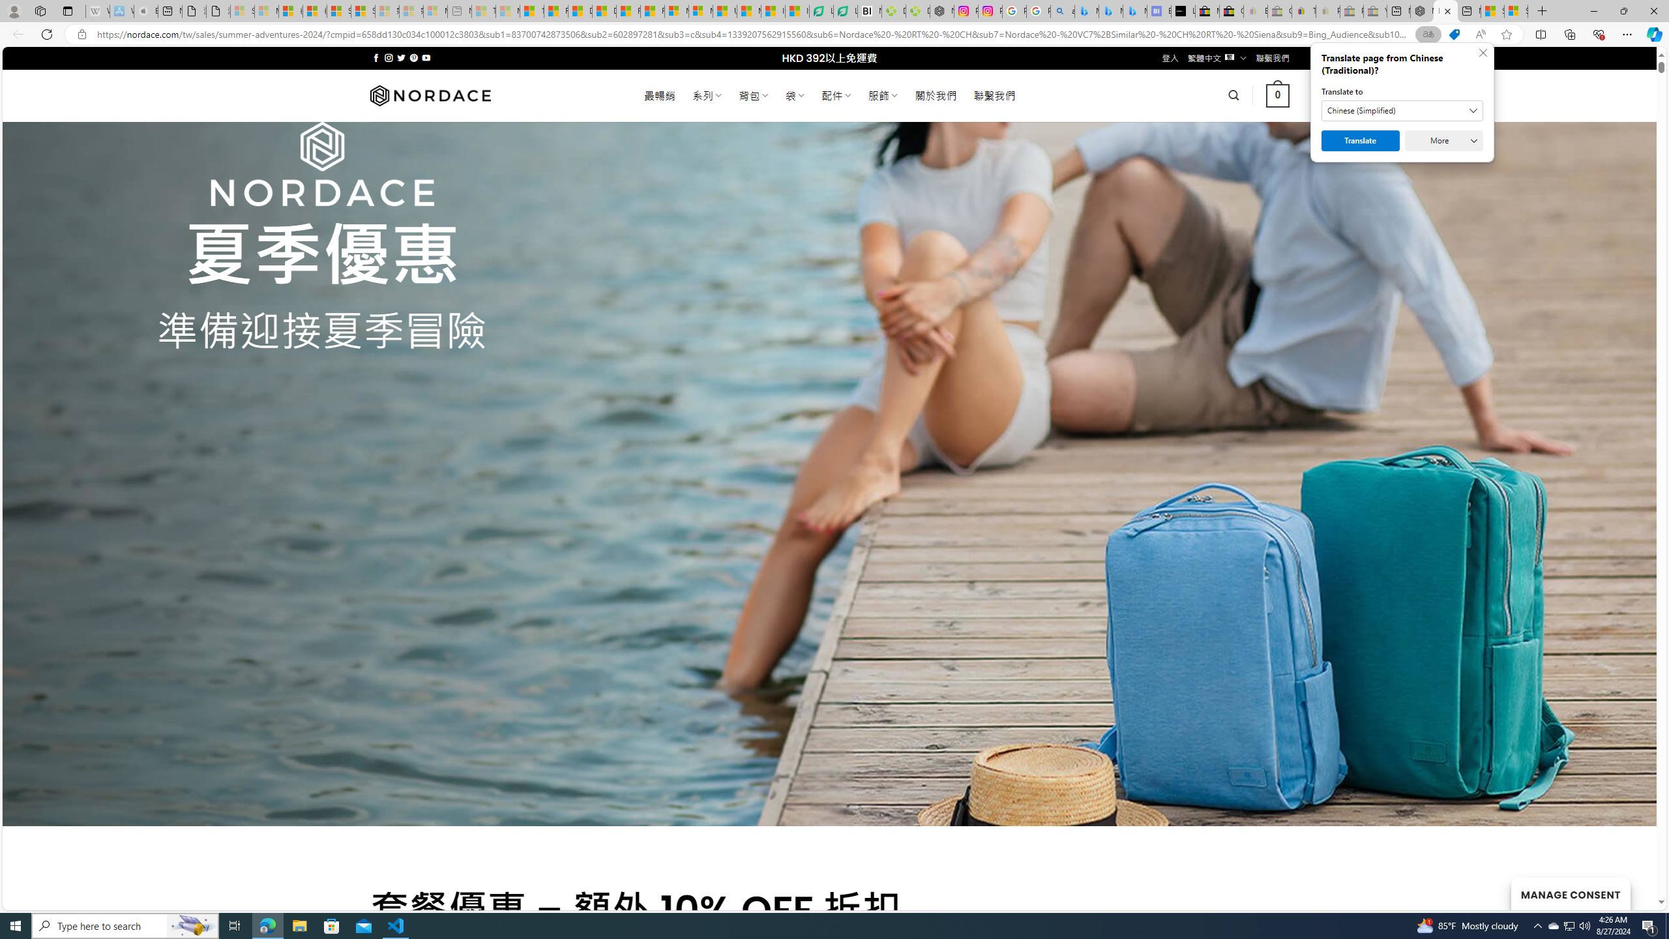  I want to click on 'Follow on Instagram', so click(388, 57).